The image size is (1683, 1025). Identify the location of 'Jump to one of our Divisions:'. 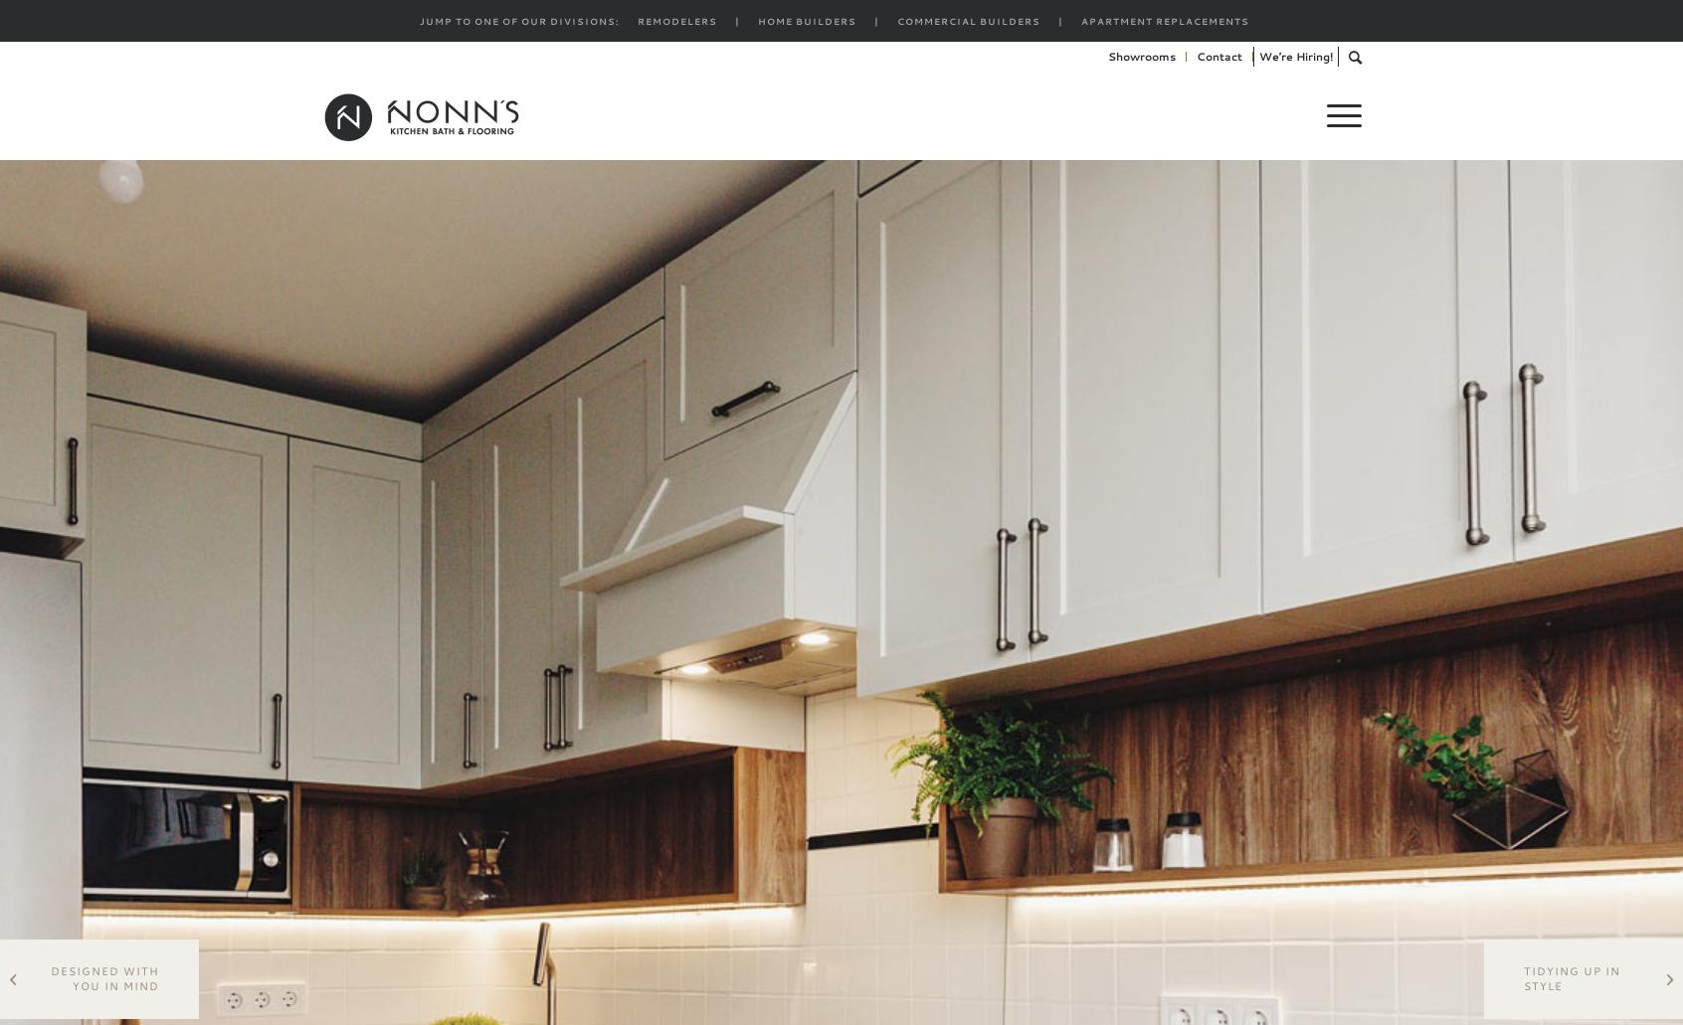
(418, 21).